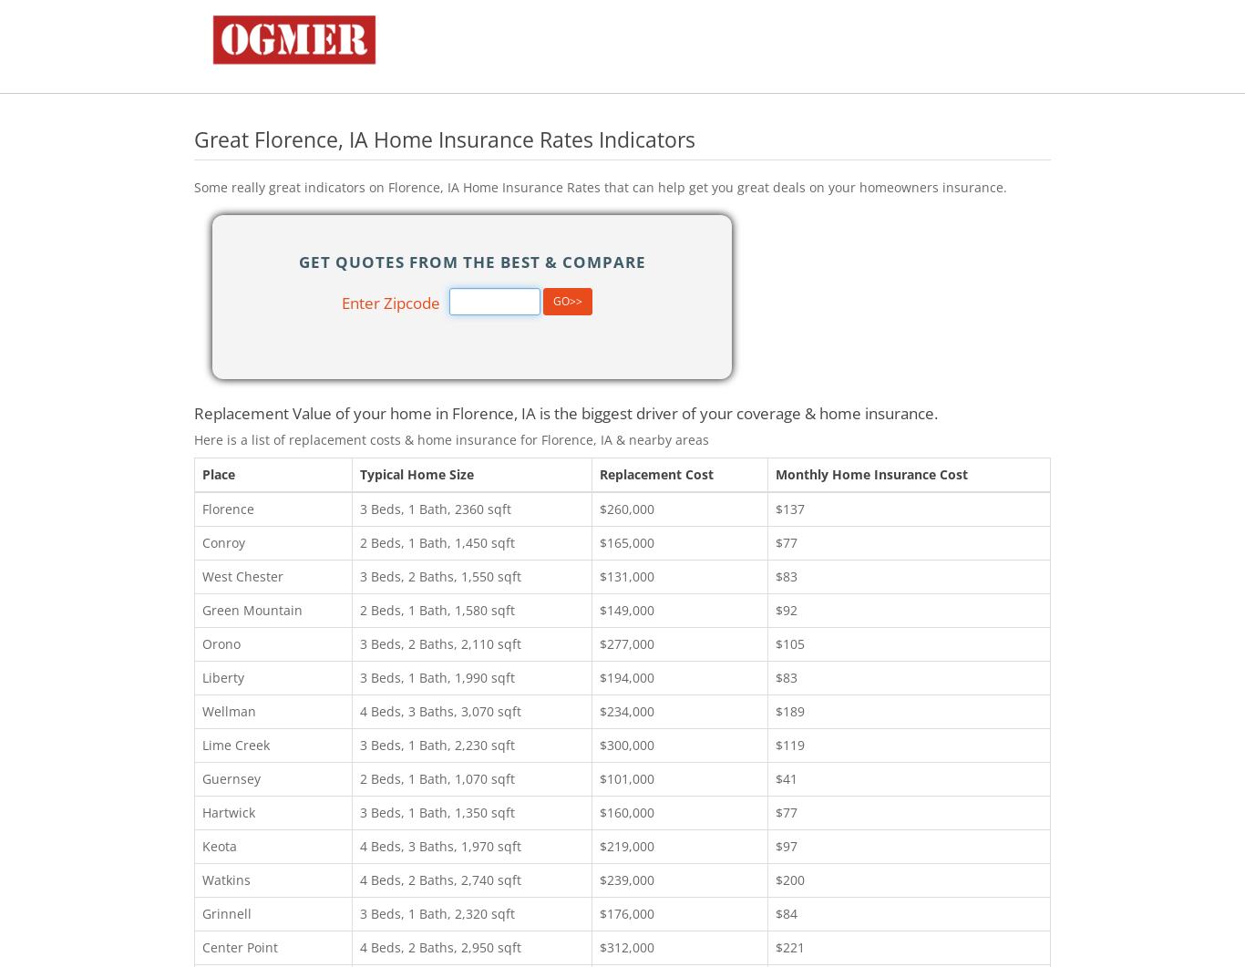 The height and width of the screenshot is (967, 1245). Describe the element at coordinates (789, 744) in the screenshot. I see `'$119'` at that location.